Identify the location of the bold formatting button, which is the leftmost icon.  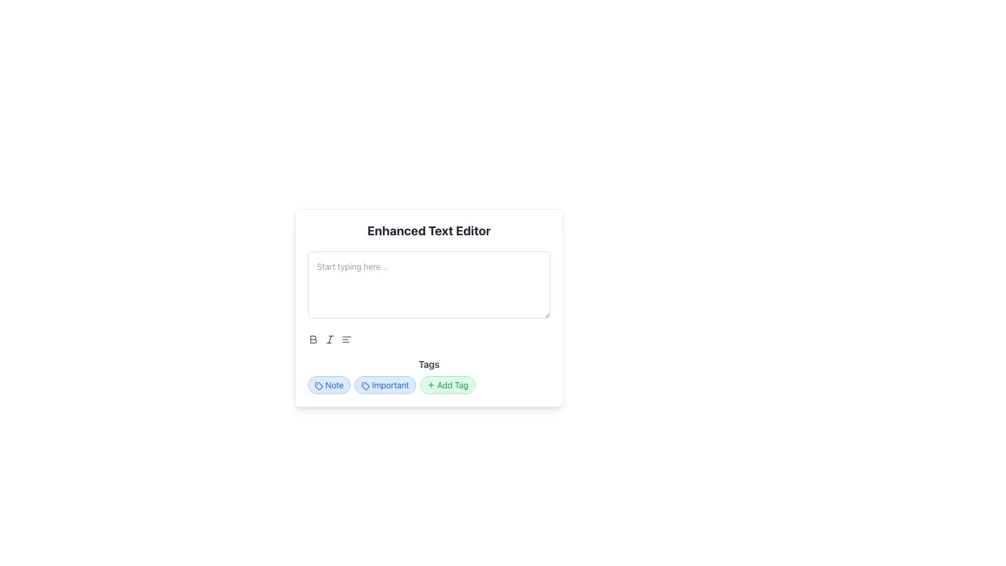
(313, 340).